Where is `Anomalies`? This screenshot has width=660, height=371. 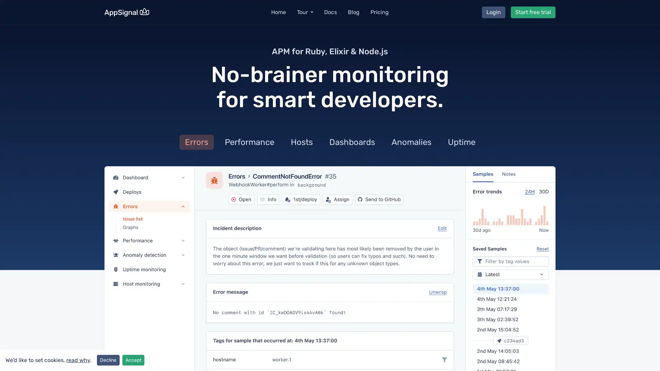
Anomalies is located at coordinates (411, 141).